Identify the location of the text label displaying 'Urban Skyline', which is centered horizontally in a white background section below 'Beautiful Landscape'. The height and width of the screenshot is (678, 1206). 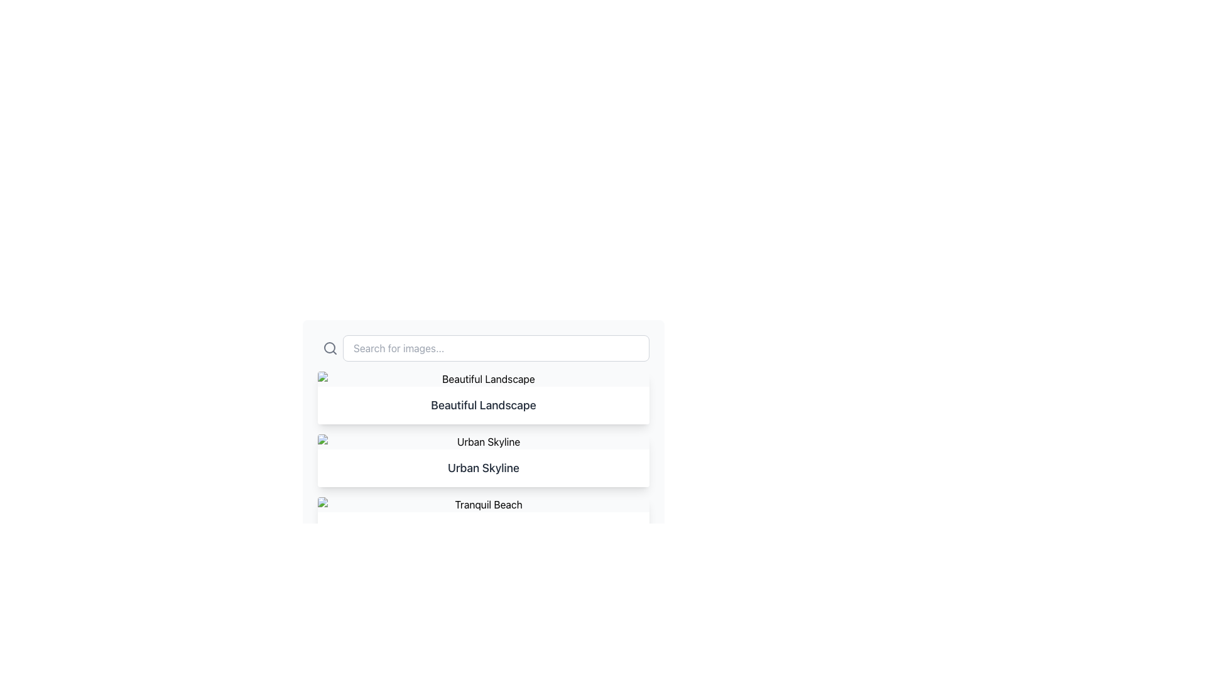
(482, 468).